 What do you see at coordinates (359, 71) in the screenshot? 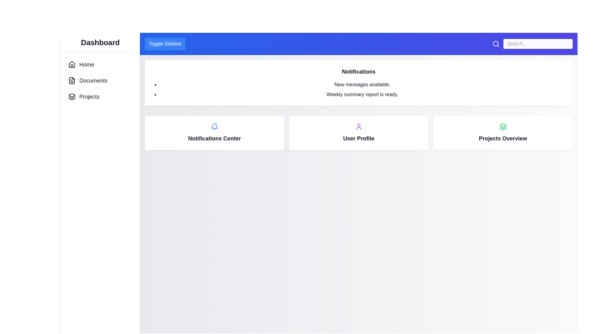
I see `the 'Notifications' static text header which is bold and prominently styled, located at the top of a white card with rounded corners` at bounding box center [359, 71].